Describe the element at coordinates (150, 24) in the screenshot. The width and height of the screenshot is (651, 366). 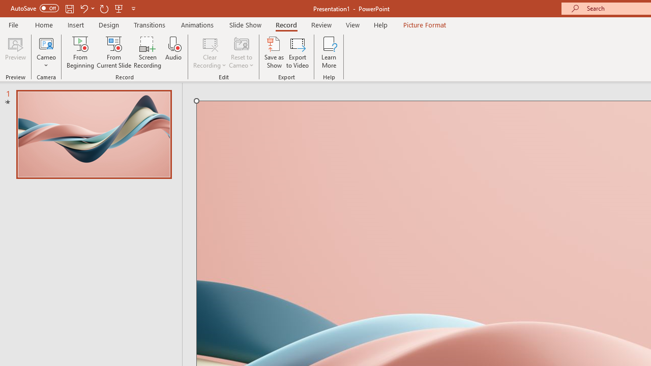
I see `'Transitions'` at that location.